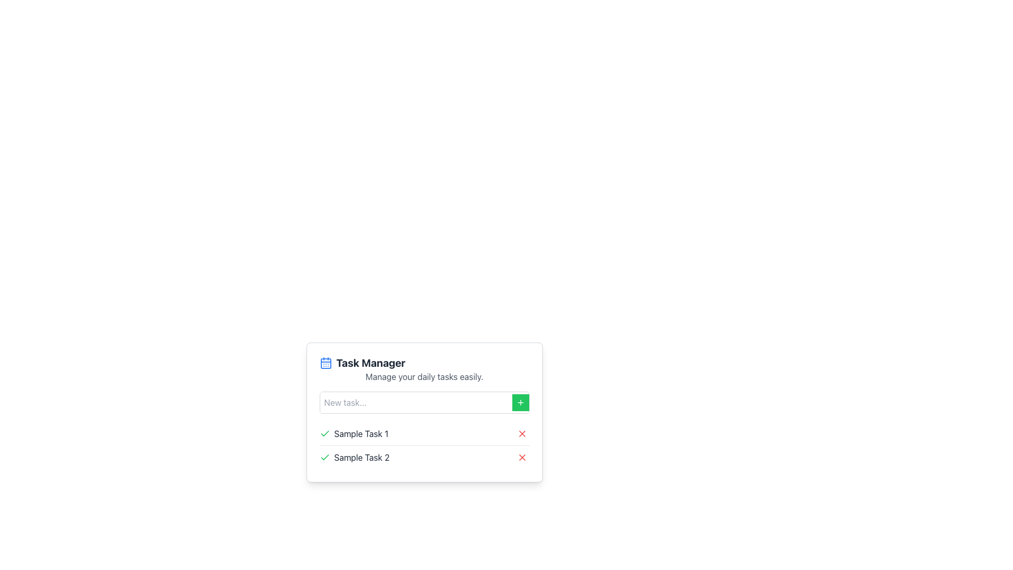  What do you see at coordinates (522, 433) in the screenshot?
I see `the delete button associated with the task labeled 'Sample Task 1' in the Task Manager` at bounding box center [522, 433].